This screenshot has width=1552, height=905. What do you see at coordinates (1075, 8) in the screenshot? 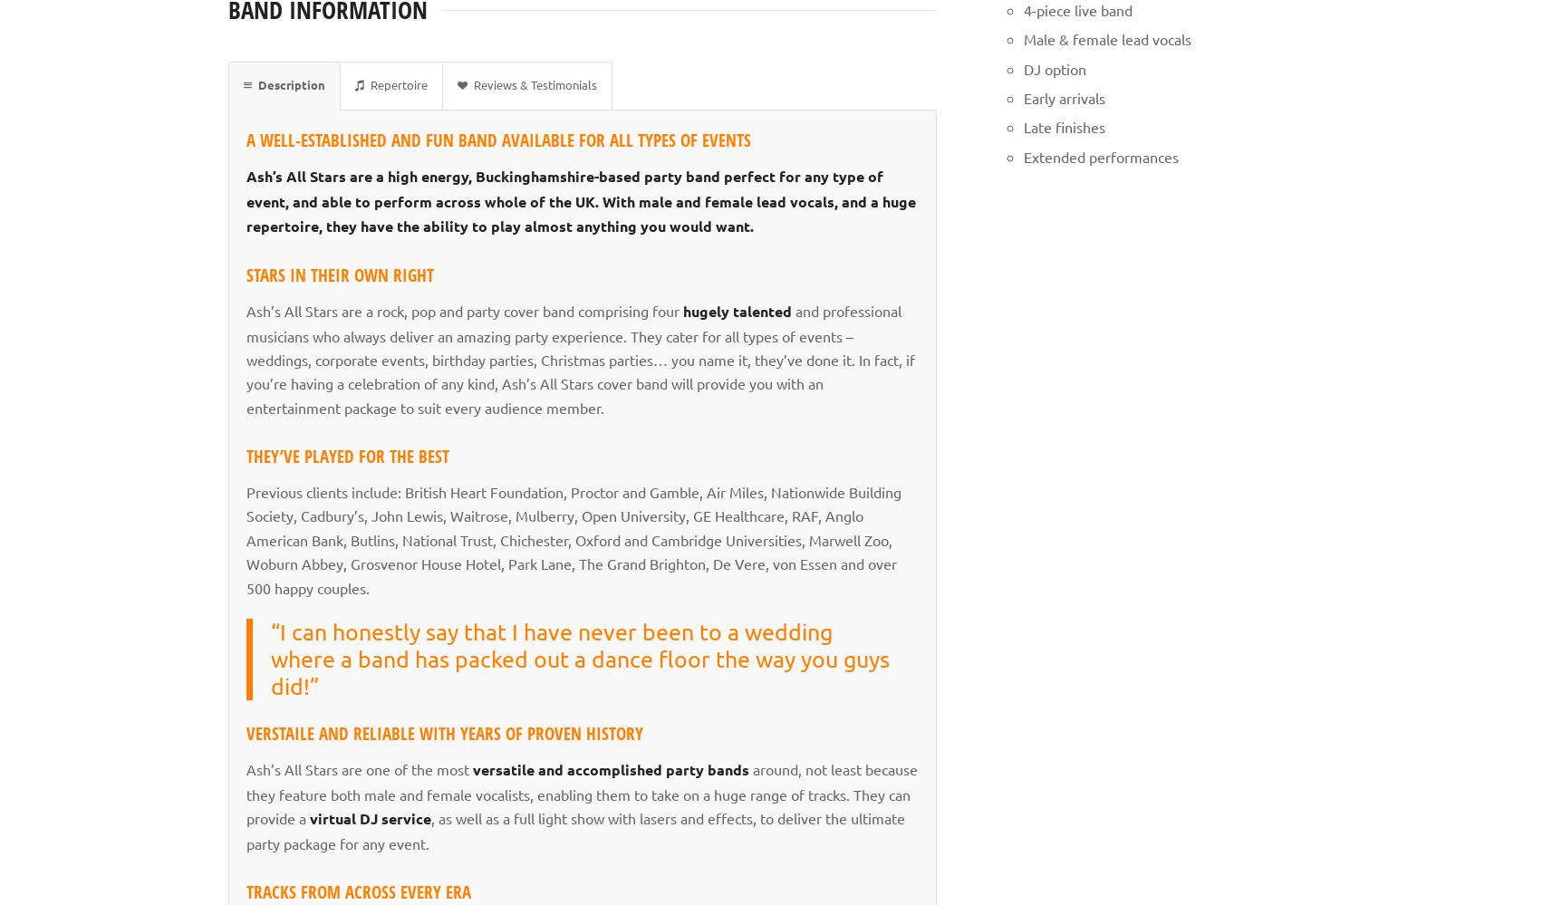
I see `'4-piece live band'` at bounding box center [1075, 8].